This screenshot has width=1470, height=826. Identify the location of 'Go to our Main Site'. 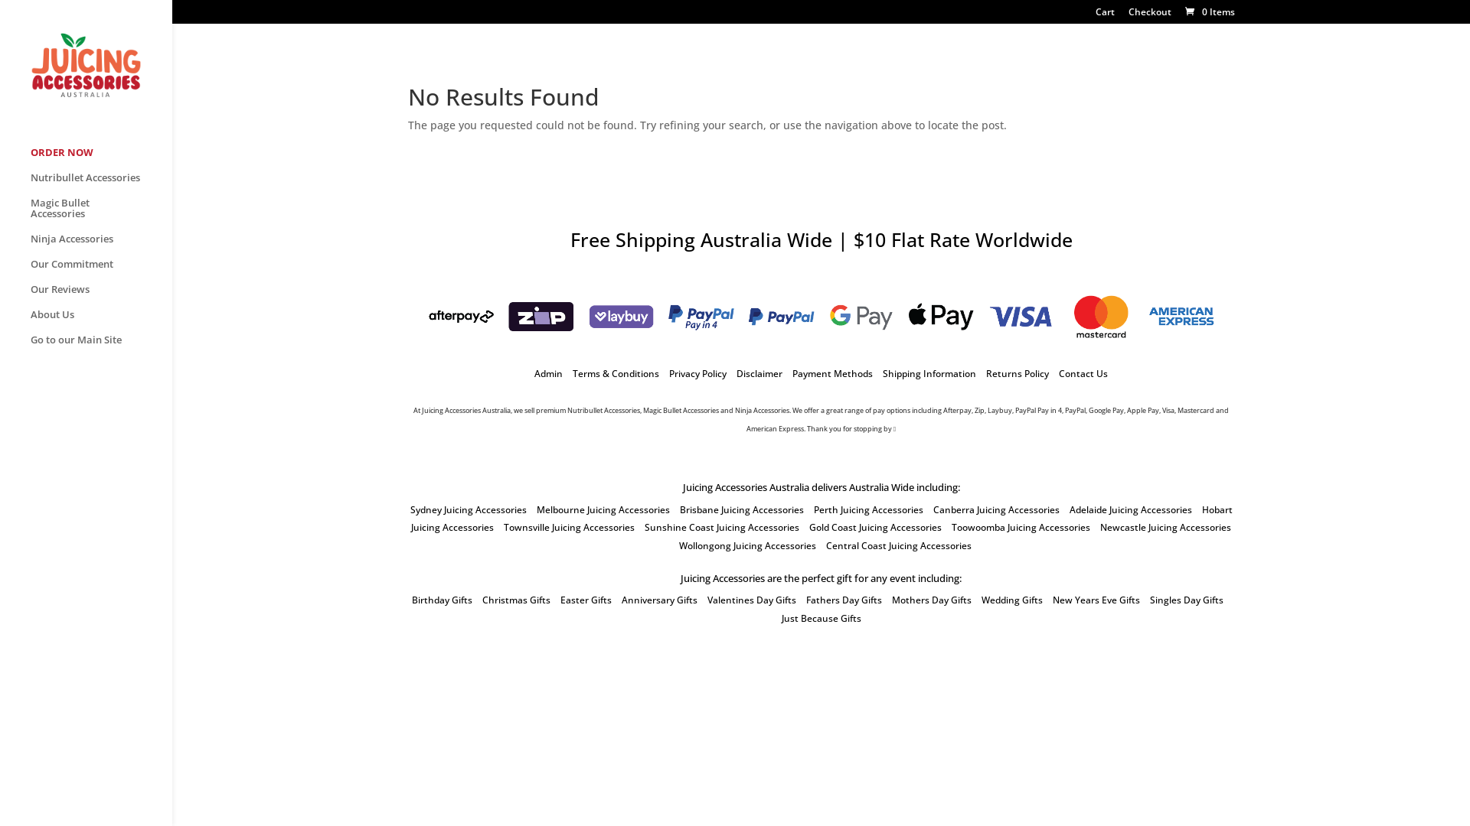
(100, 346).